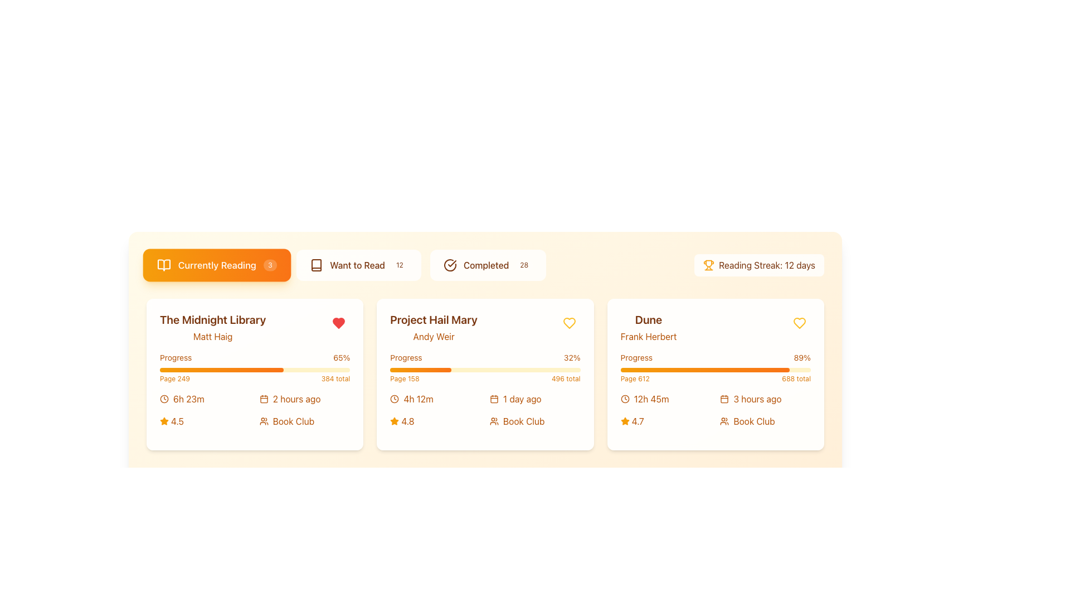 The width and height of the screenshot is (1070, 602). Describe the element at coordinates (648, 320) in the screenshot. I see `the Text label displaying the title 'Dune', which is located at the top of its respective book card` at that location.